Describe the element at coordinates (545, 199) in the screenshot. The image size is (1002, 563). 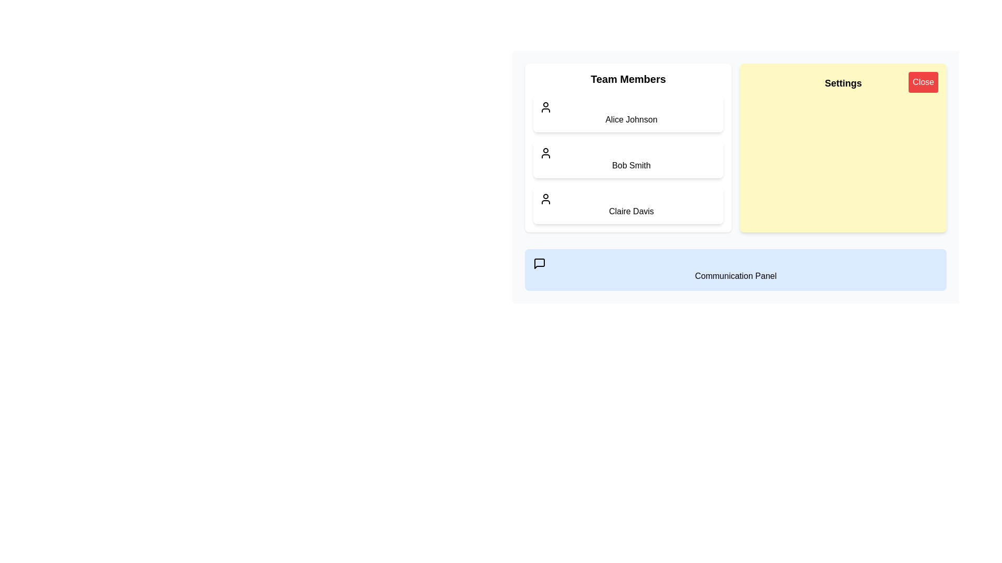
I see `the user silhouette icon located to the left of the name 'Claire Davis' within the card representing the third team member in the list` at that location.